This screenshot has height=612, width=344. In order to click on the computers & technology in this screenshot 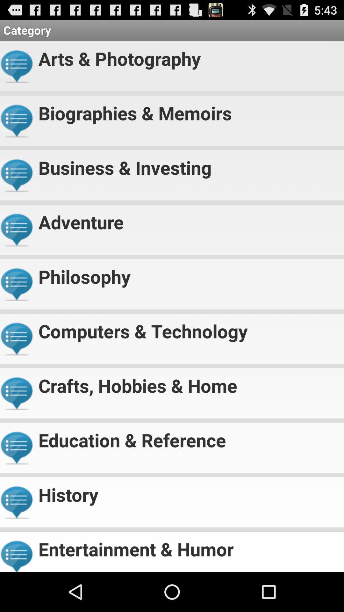, I will do `click(188, 328)`.